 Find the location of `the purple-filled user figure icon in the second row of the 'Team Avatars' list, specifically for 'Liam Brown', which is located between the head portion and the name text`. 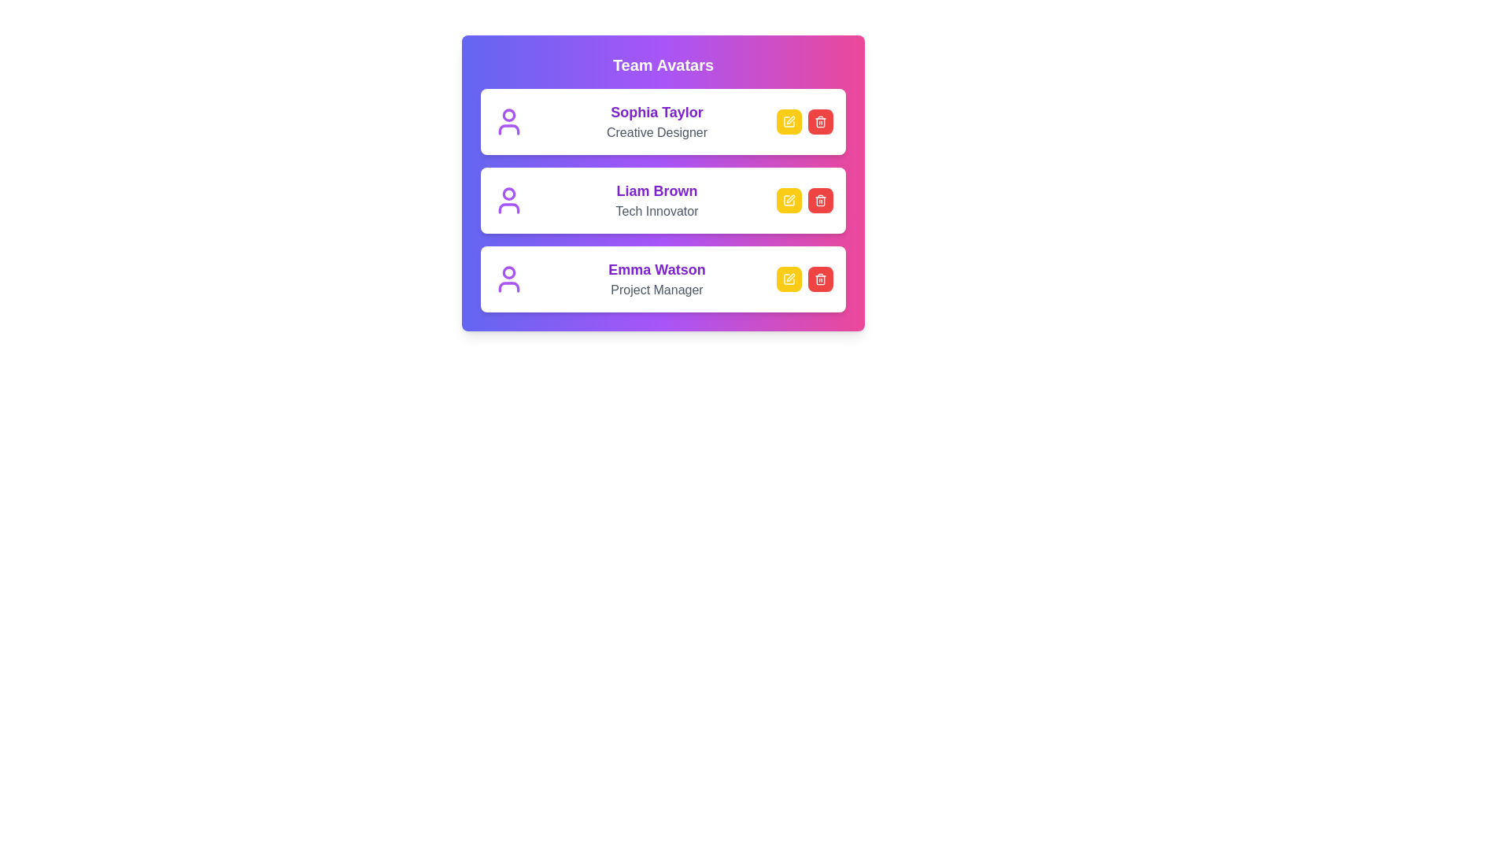

the purple-filled user figure icon in the second row of the 'Team Avatars' list, specifically for 'Liam Brown', which is located between the head portion and the name text is located at coordinates (509, 208).